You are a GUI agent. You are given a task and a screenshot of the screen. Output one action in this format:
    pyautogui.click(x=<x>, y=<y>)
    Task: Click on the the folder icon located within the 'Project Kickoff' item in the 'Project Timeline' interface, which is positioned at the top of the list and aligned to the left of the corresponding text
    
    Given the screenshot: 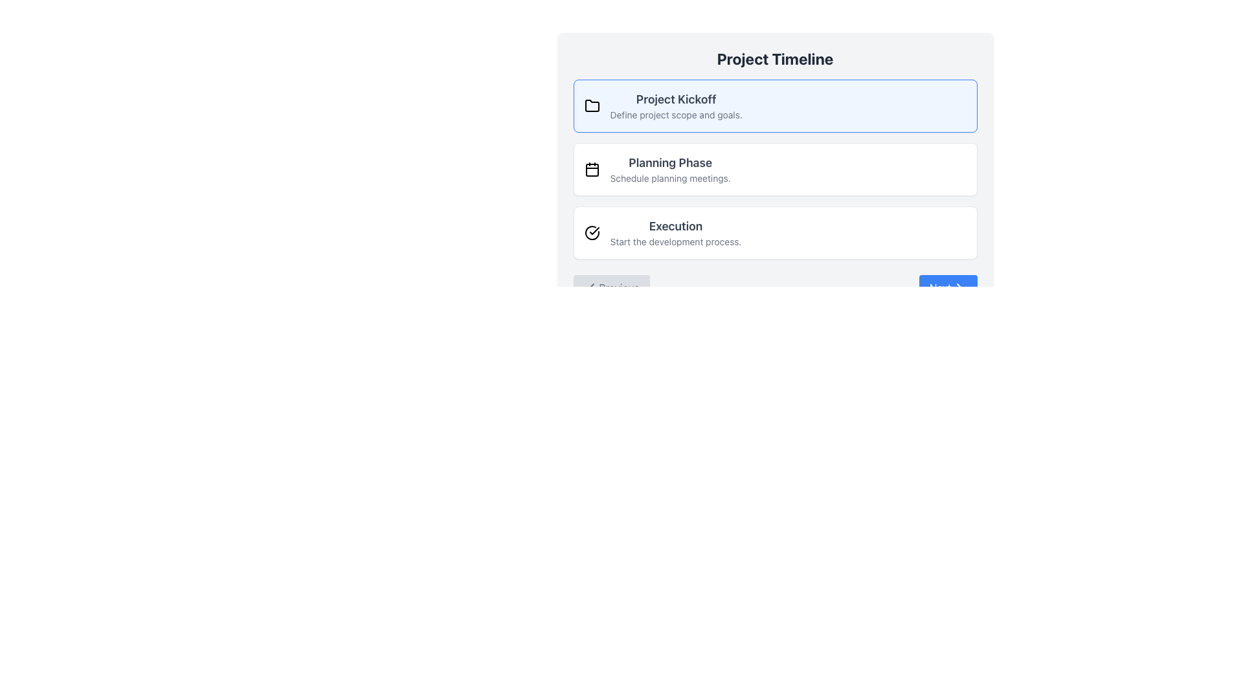 What is the action you would take?
    pyautogui.click(x=591, y=105)
    